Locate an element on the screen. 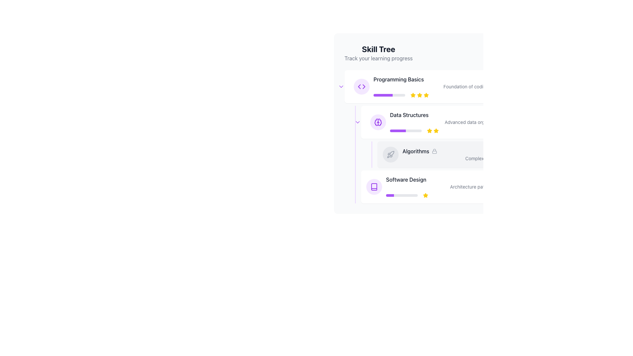 The width and height of the screenshot is (633, 356). the Static Text Label indicating 'Algorithms', located in the 'Data Structures' section of the skill tree interface, positioned to the left of a lock icon is located at coordinates (415, 151).